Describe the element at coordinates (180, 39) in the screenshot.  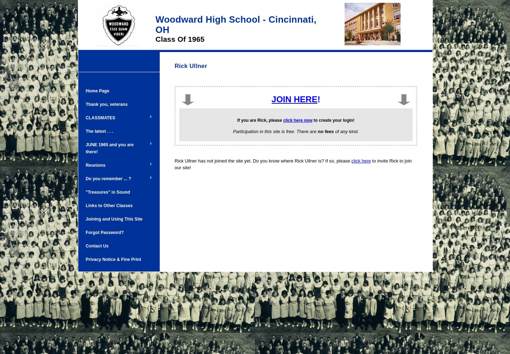
I see `'Class Of 1965'` at that location.